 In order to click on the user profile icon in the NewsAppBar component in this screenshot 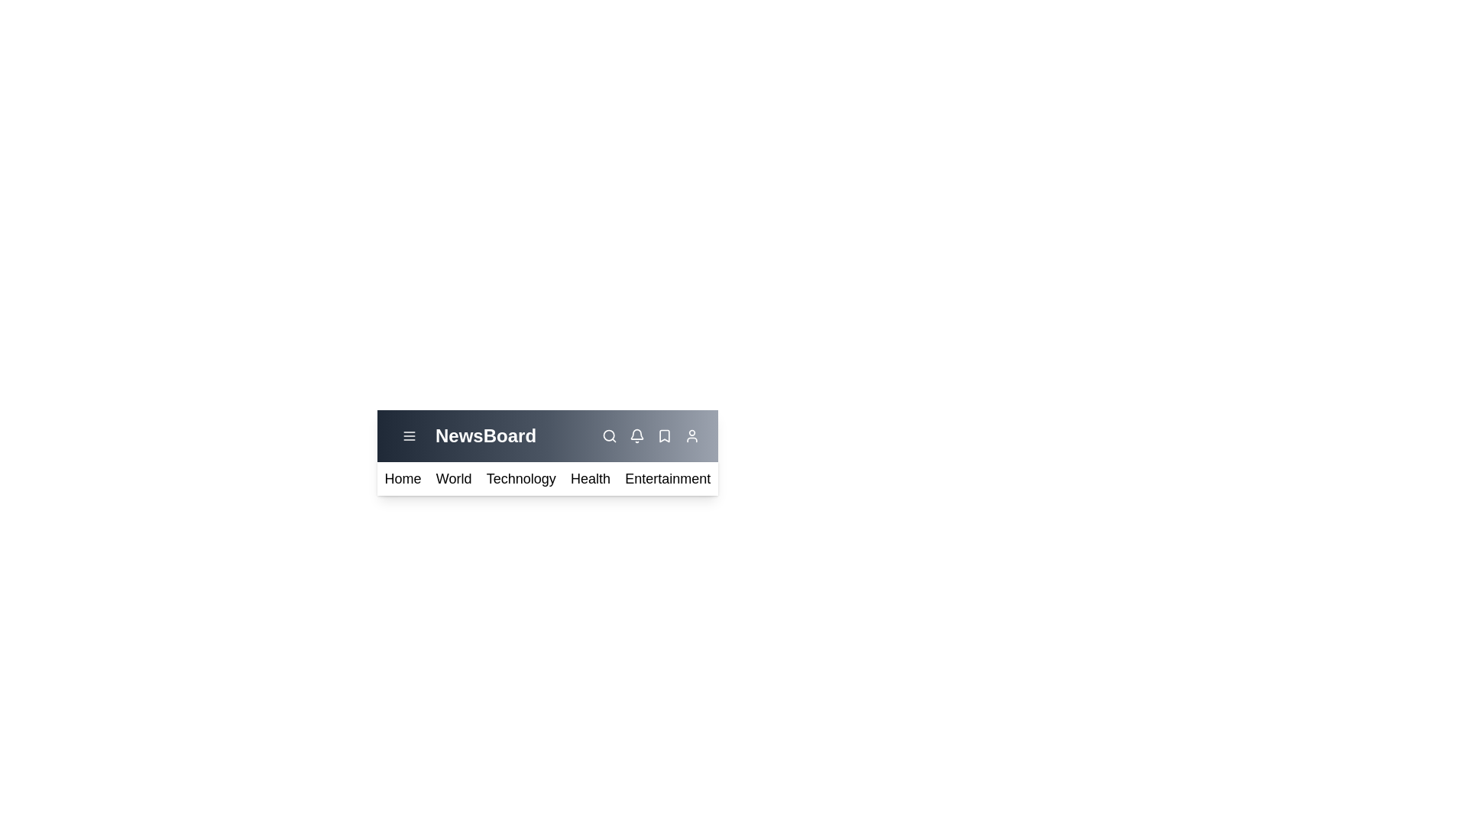, I will do `click(691, 435)`.